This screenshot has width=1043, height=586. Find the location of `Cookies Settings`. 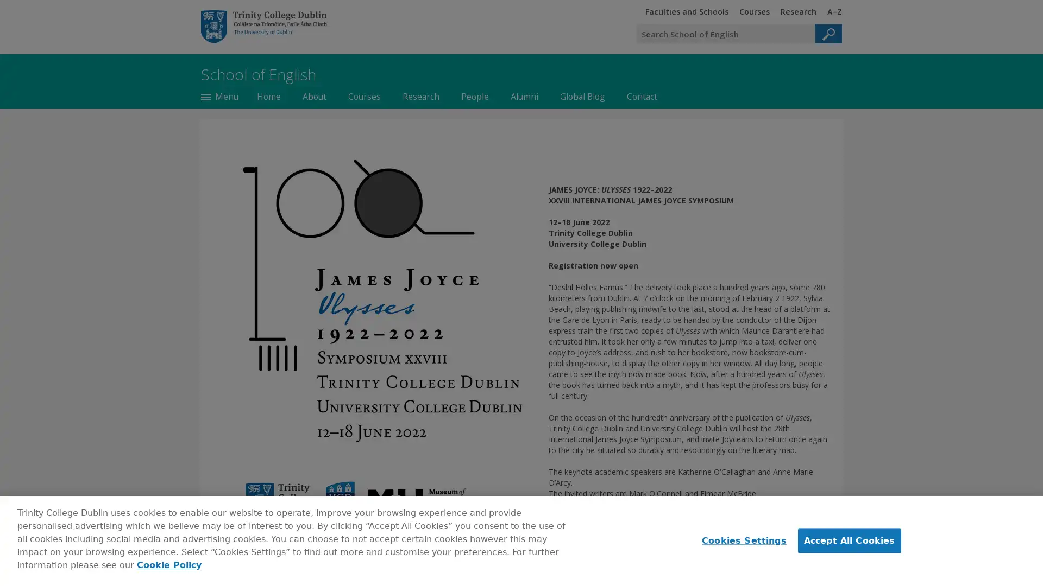

Cookies Settings is located at coordinates (740, 540).